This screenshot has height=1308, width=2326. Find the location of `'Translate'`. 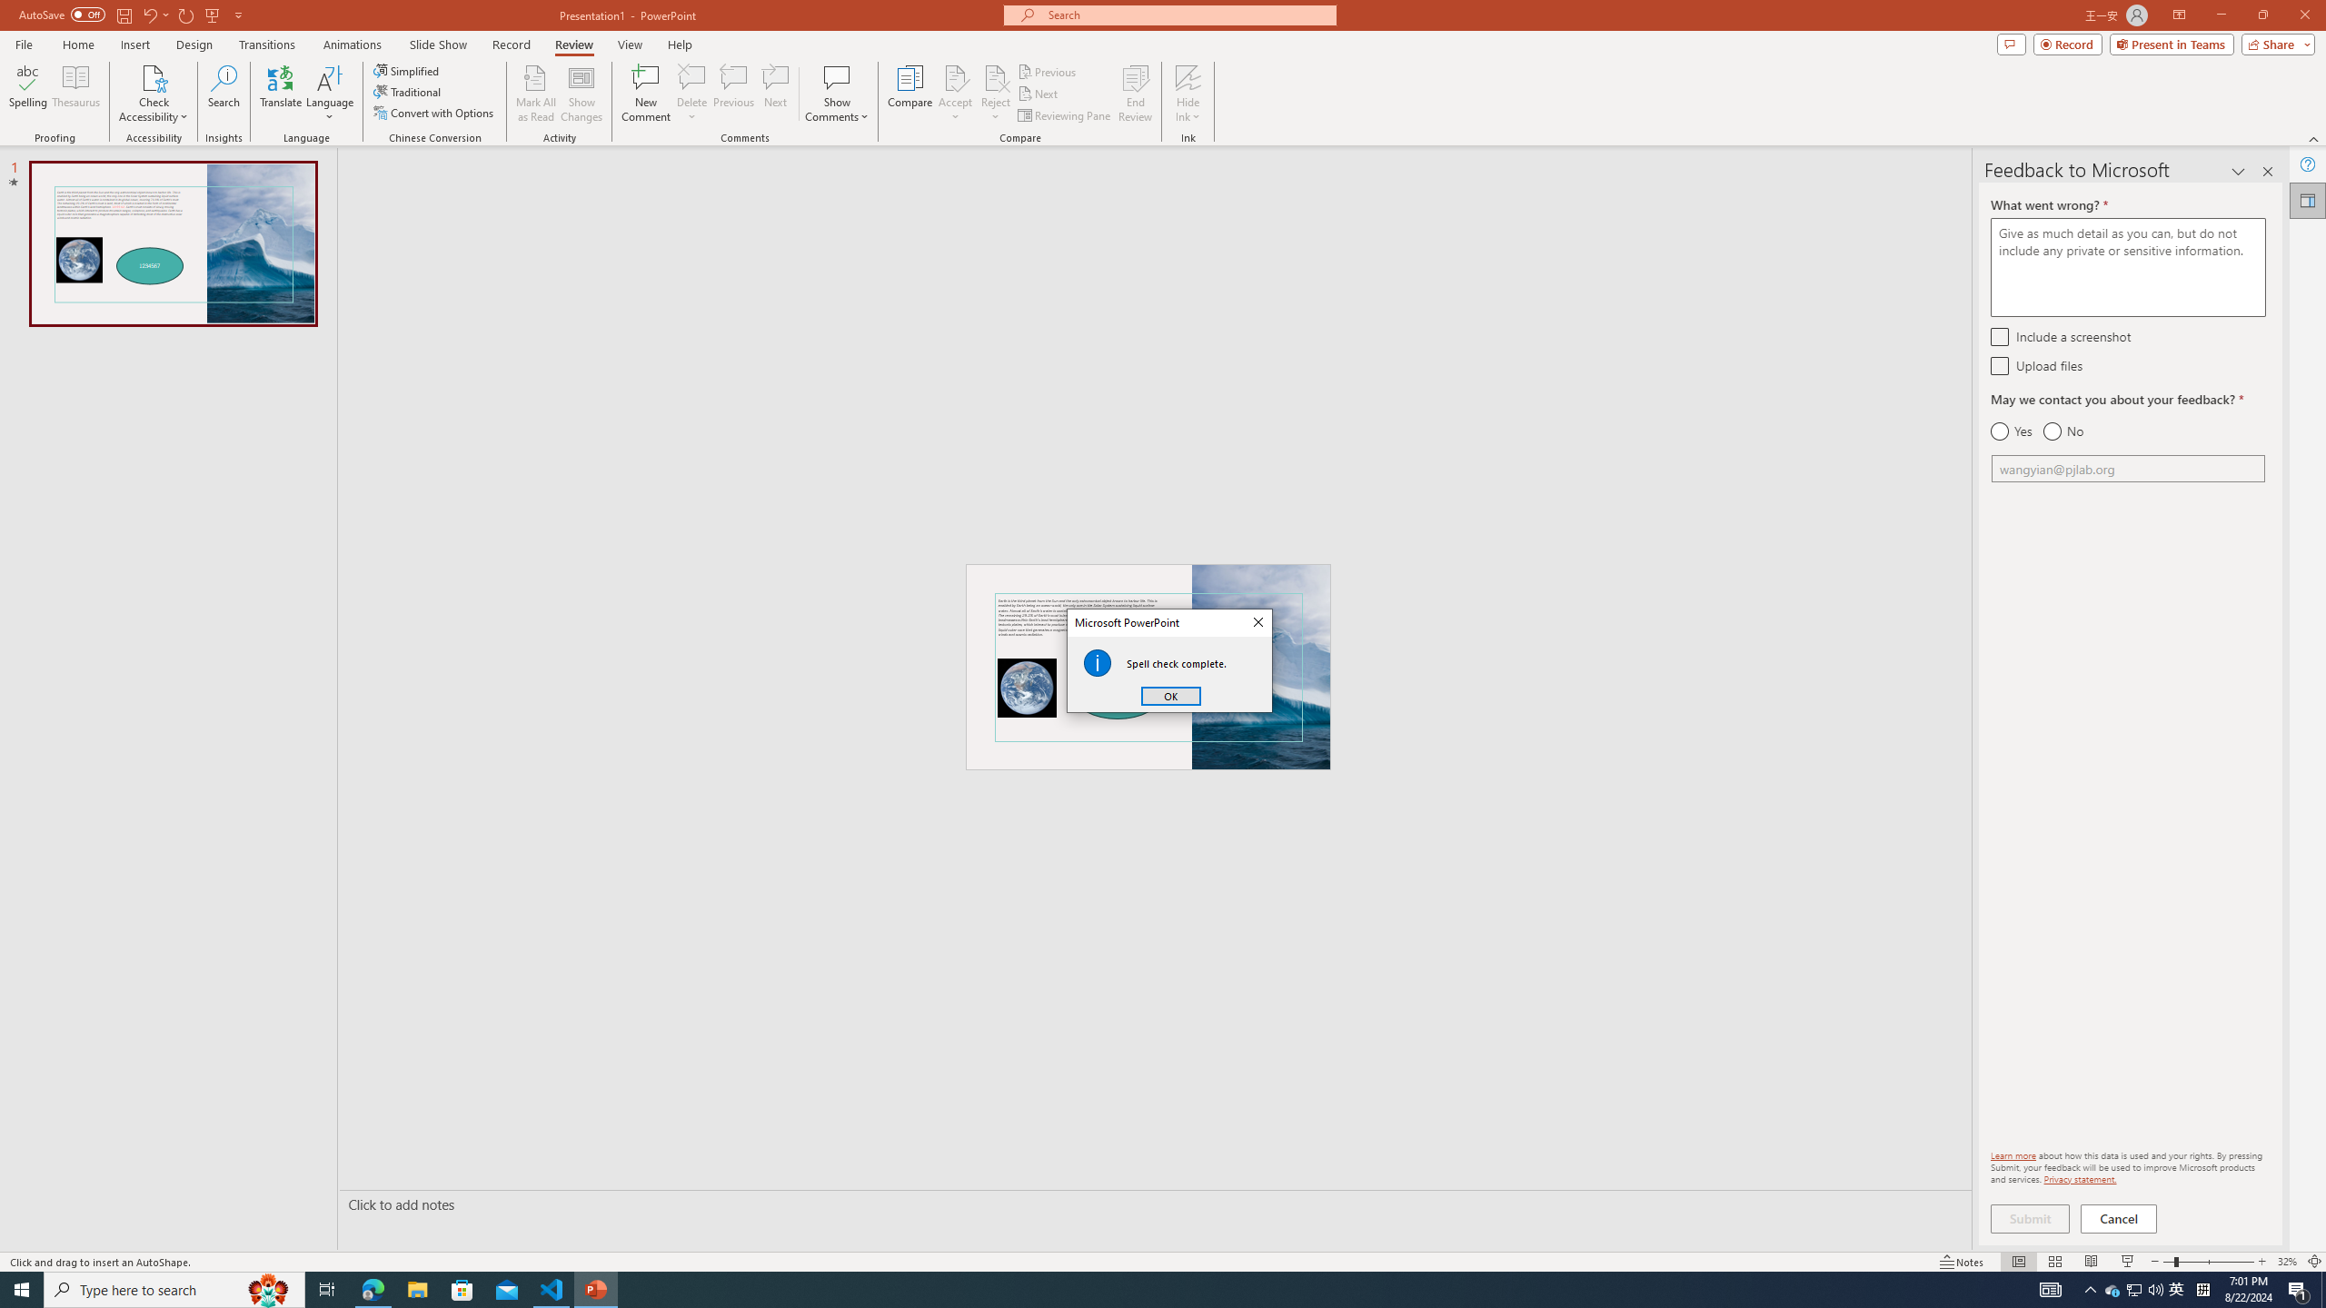

'Translate' is located at coordinates (281, 94).